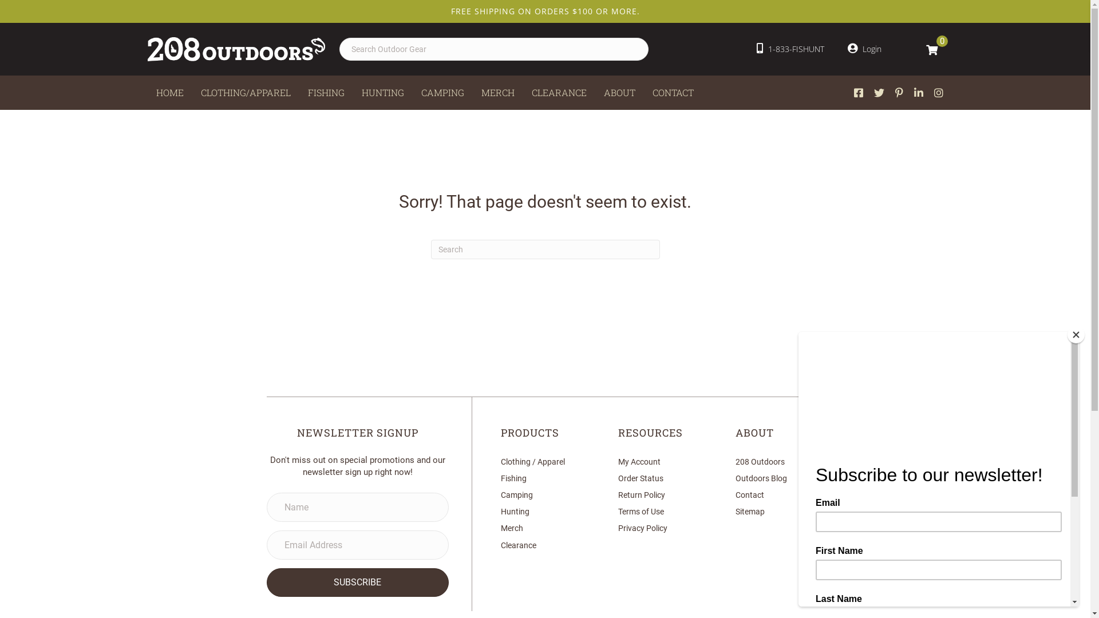 Image resolution: width=1099 pixels, height=618 pixels. What do you see at coordinates (299, 92) in the screenshot?
I see `'FISHING'` at bounding box center [299, 92].